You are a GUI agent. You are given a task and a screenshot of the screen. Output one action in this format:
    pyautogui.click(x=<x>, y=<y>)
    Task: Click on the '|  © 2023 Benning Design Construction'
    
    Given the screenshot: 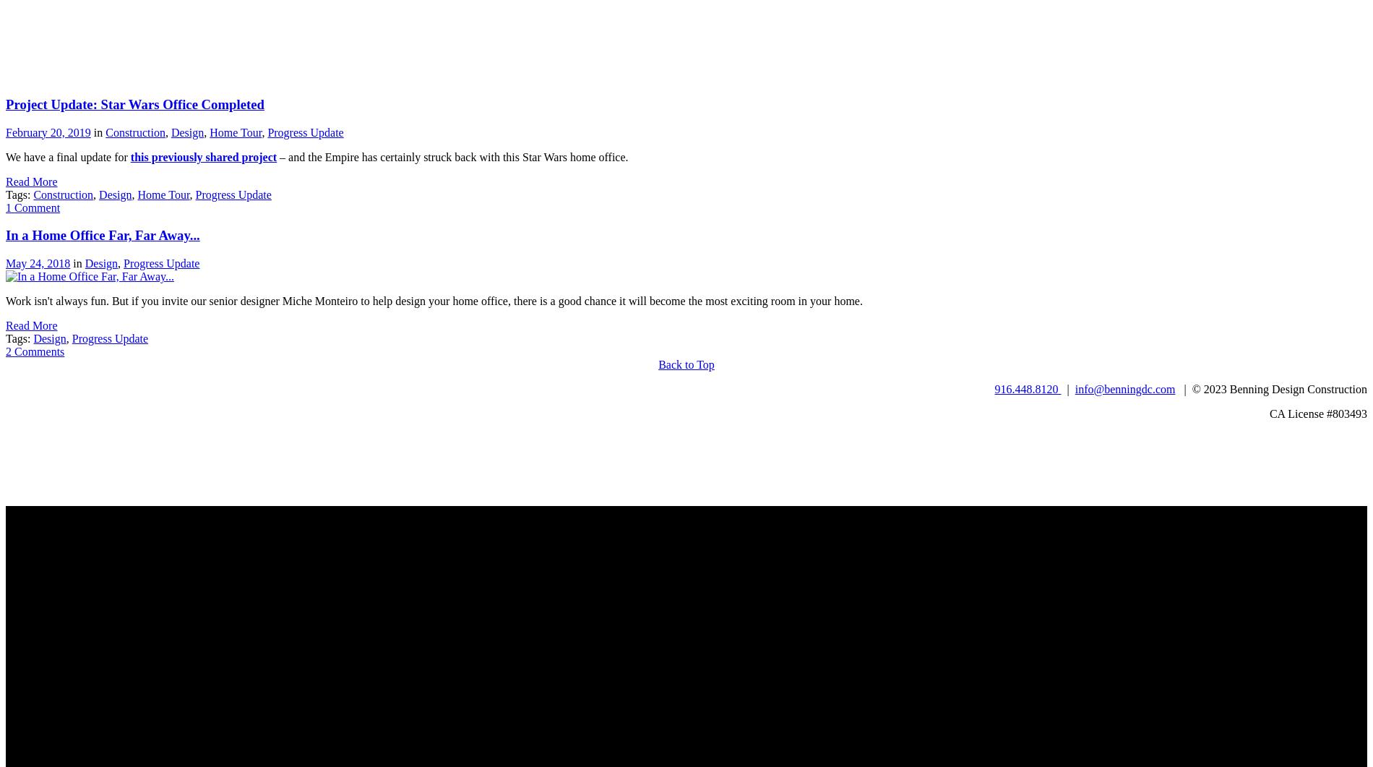 What is the action you would take?
    pyautogui.click(x=1270, y=388)
    